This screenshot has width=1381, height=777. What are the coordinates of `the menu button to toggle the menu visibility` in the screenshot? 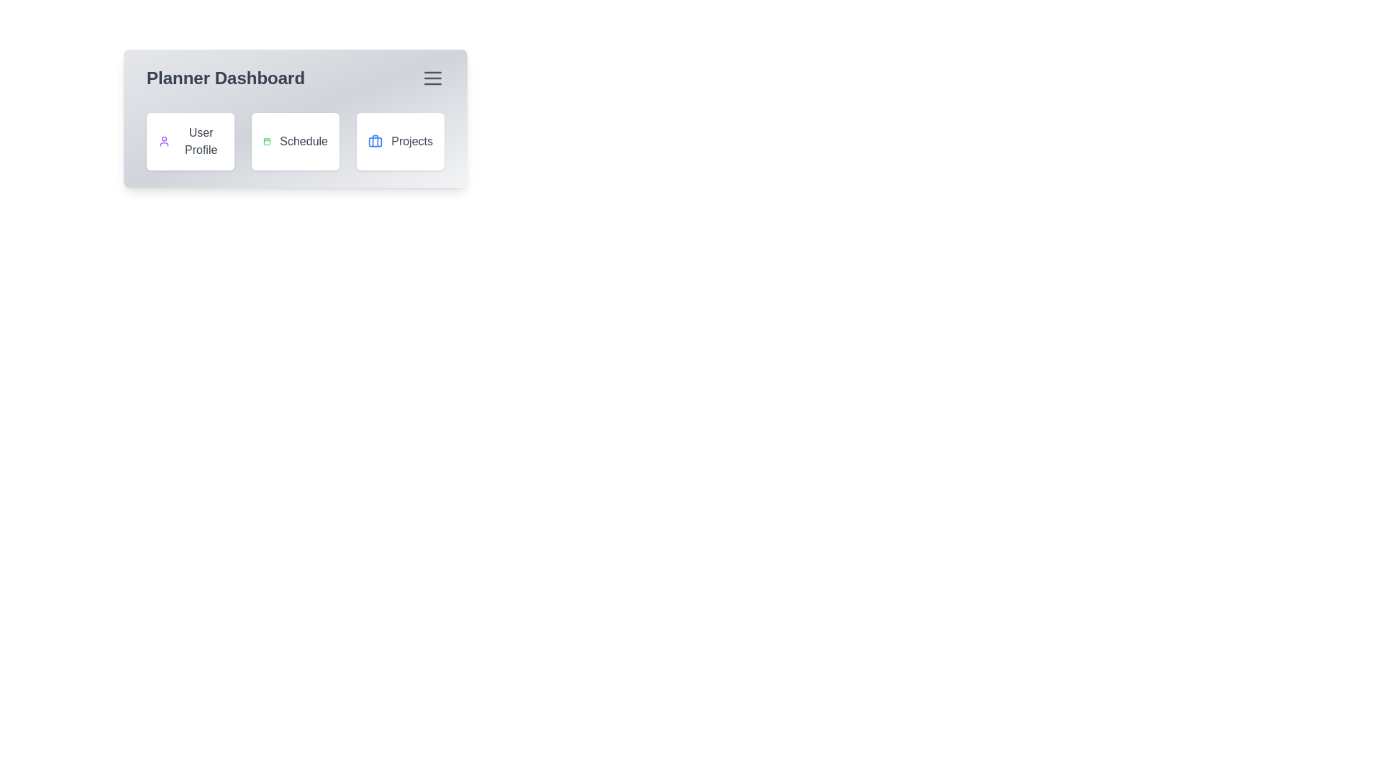 It's located at (432, 78).